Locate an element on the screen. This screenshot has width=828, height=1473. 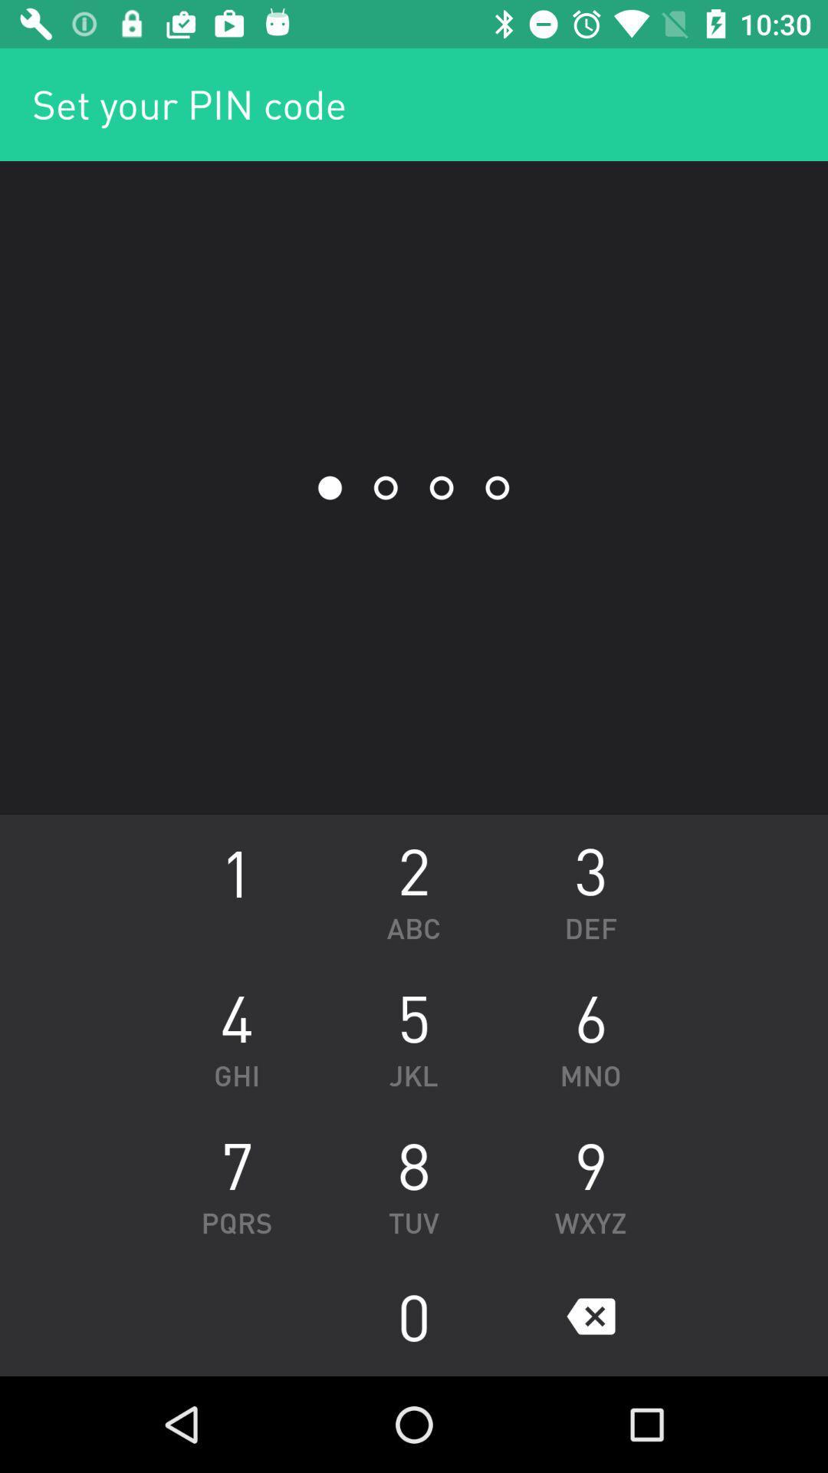
the icon next to the abc icon is located at coordinates (236, 888).